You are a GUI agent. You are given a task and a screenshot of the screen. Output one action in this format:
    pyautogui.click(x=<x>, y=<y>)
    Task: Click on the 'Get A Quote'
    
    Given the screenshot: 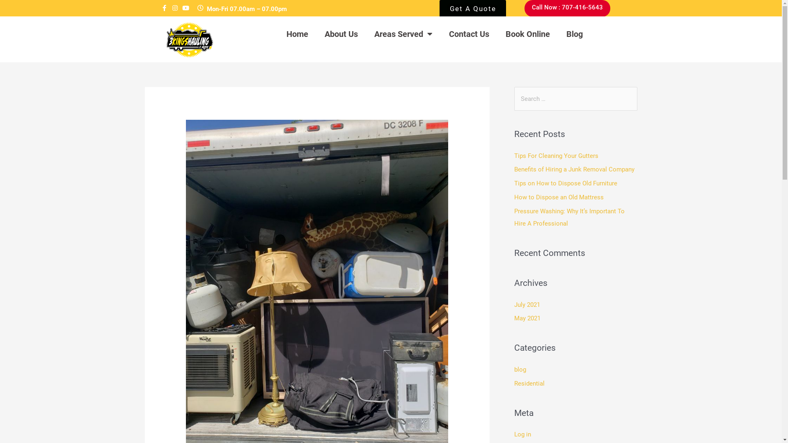 What is the action you would take?
    pyautogui.click(x=473, y=11)
    